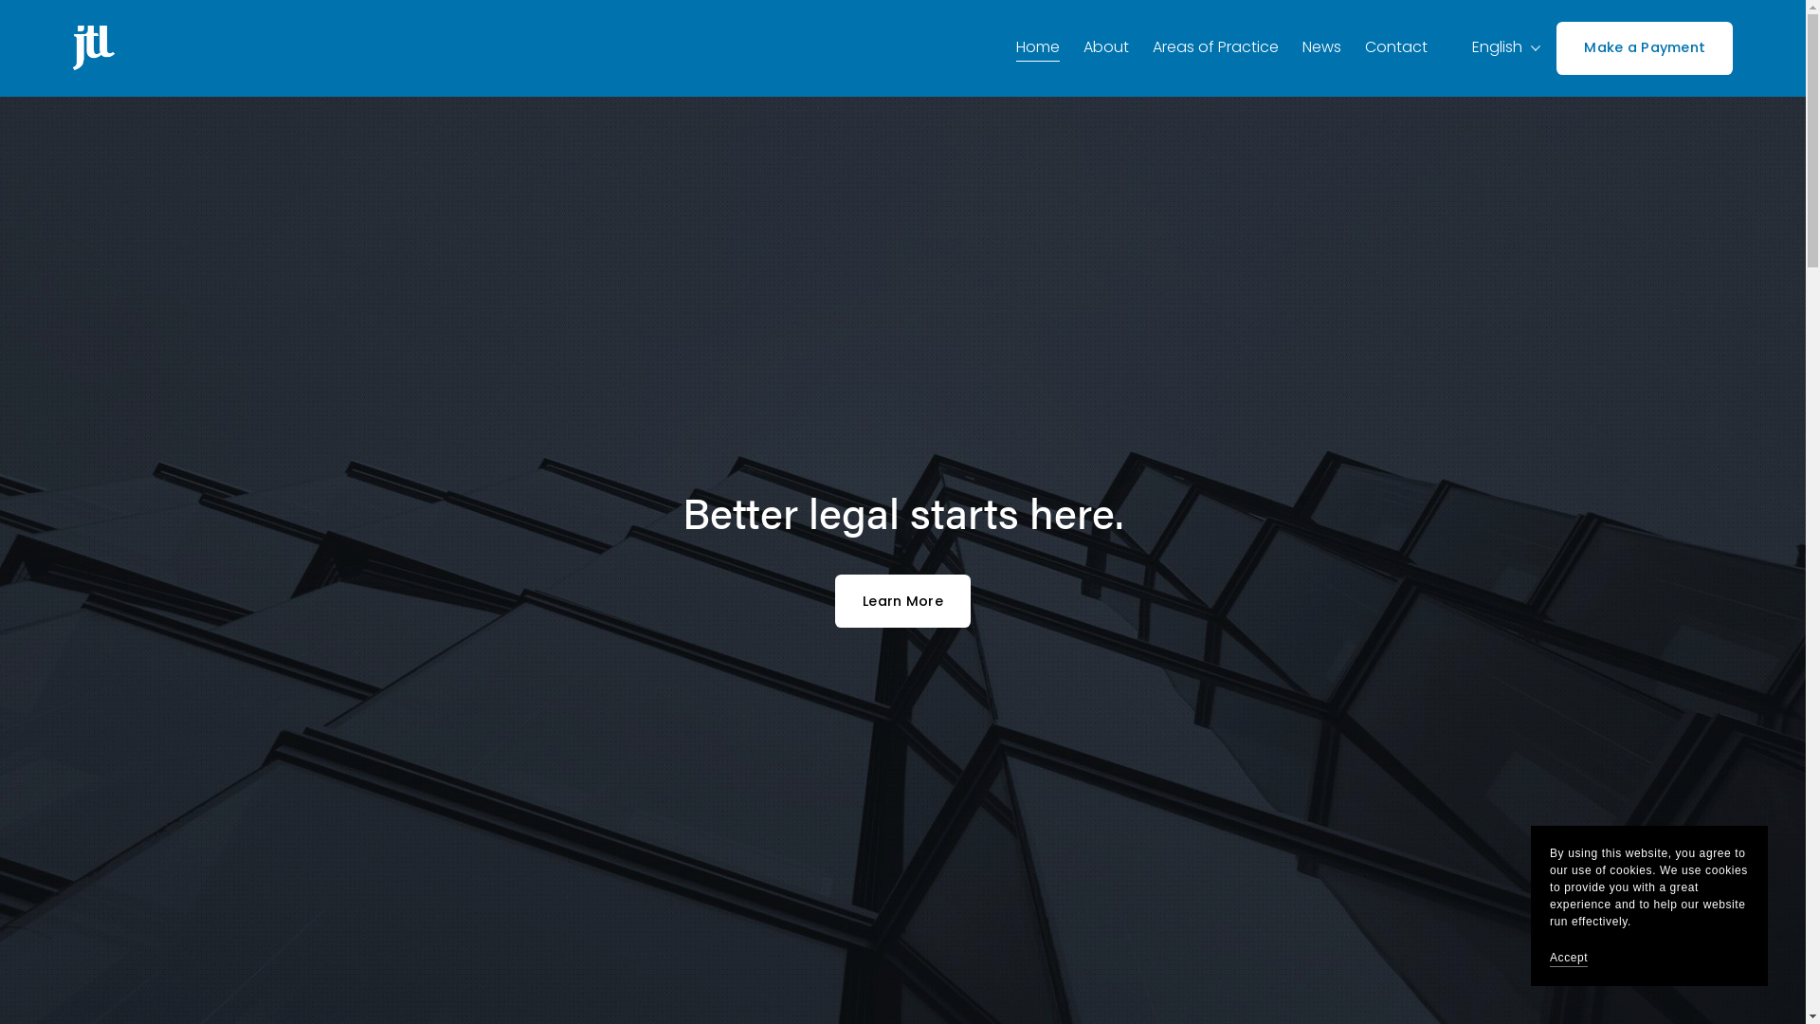 This screenshot has height=1024, width=1820. What do you see at coordinates (1643, 46) in the screenshot?
I see `'Make a Payment'` at bounding box center [1643, 46].